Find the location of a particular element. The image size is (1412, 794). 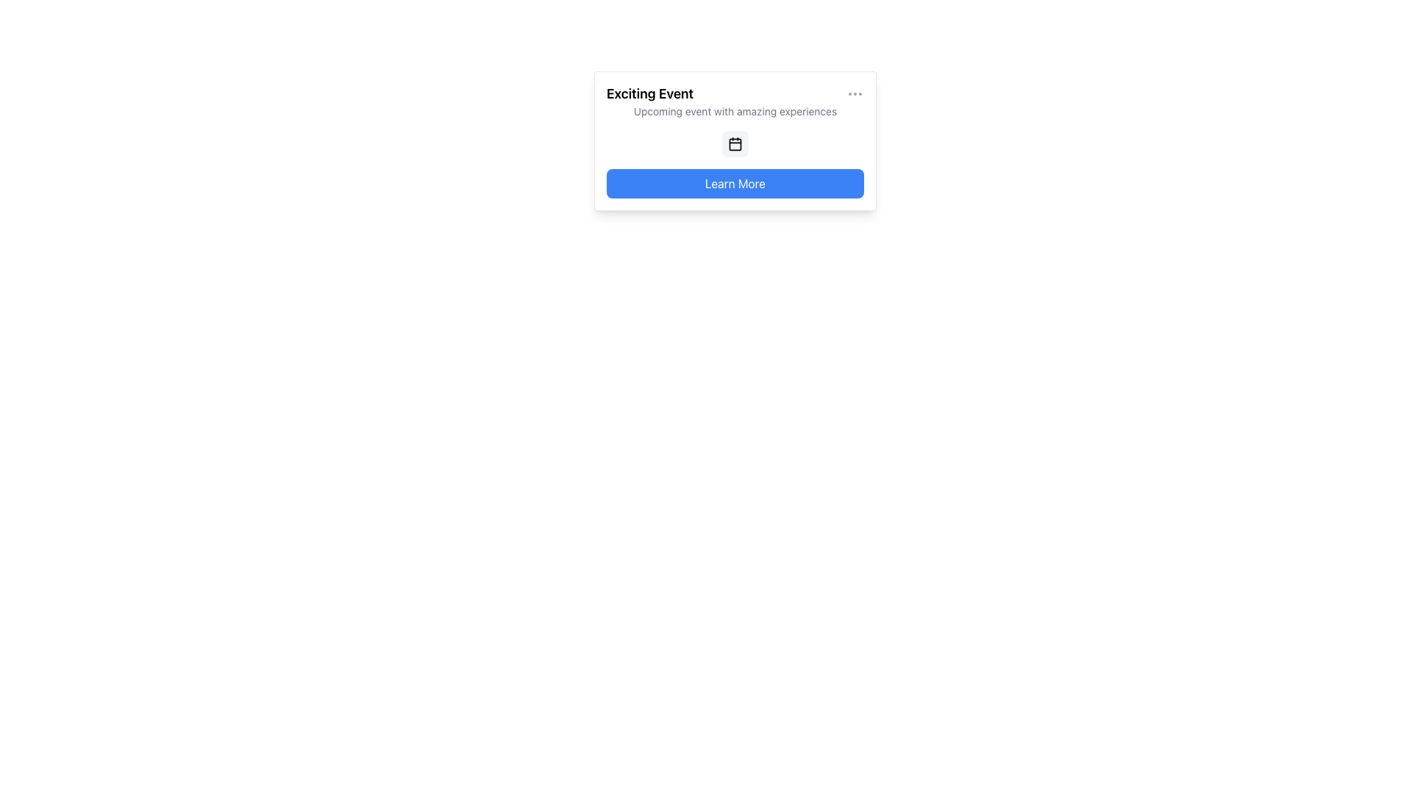

the calendar icon is located at coordinates (735, 144).